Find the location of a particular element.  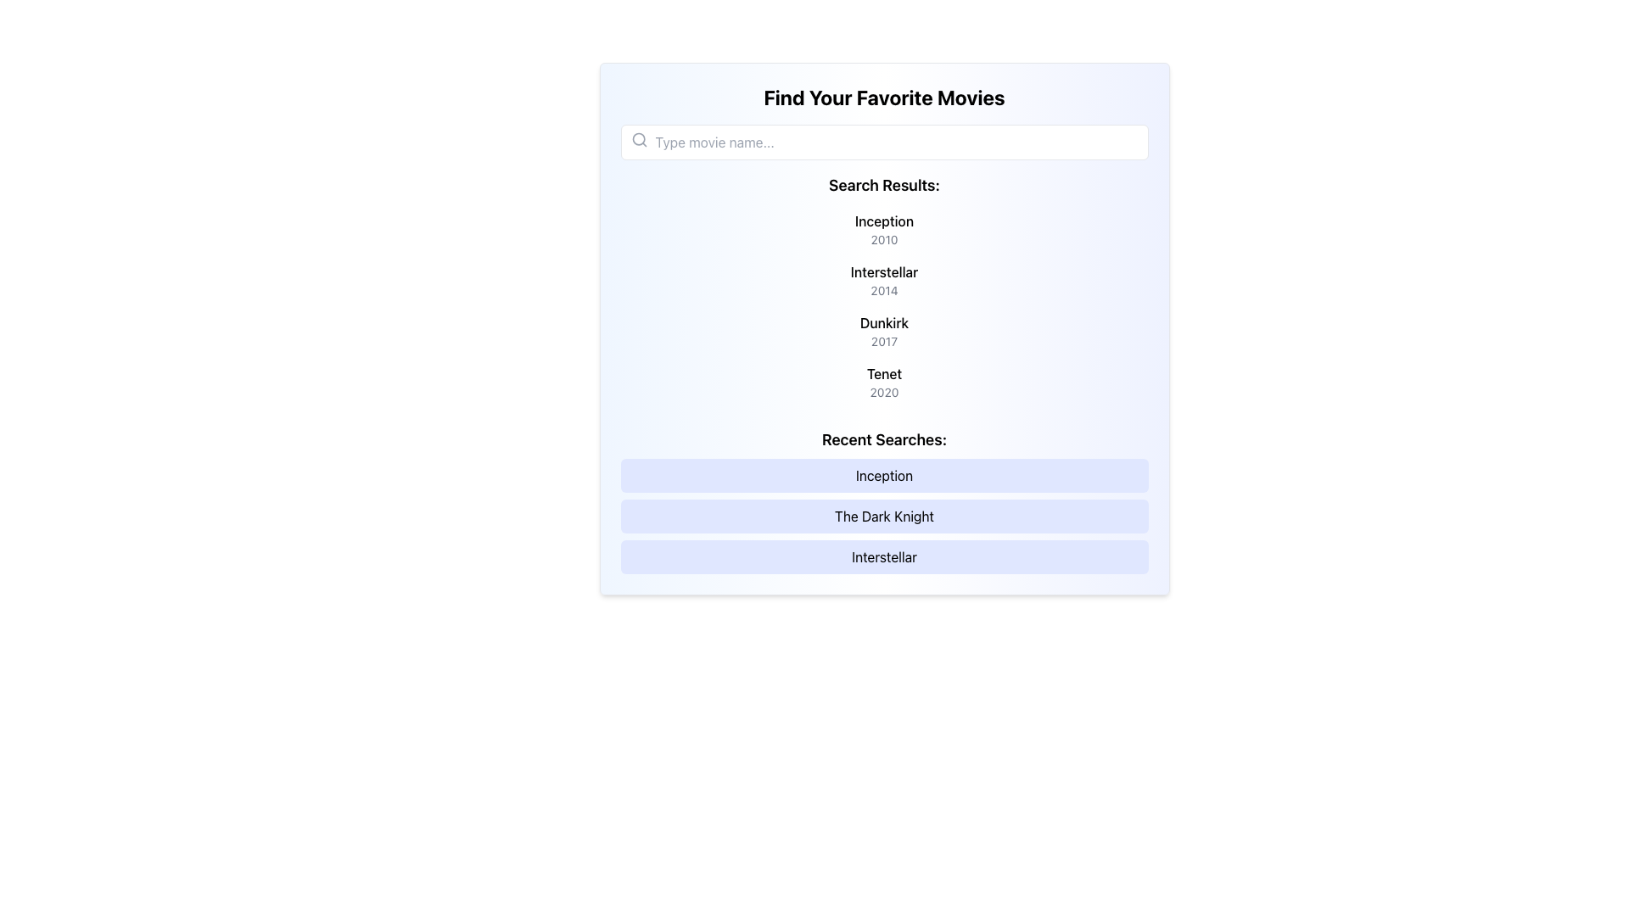

the 'Interstellar' button, which is the last item under the 'Recent Searches' heading, to revisit the search is located at coordinates (883, 556).